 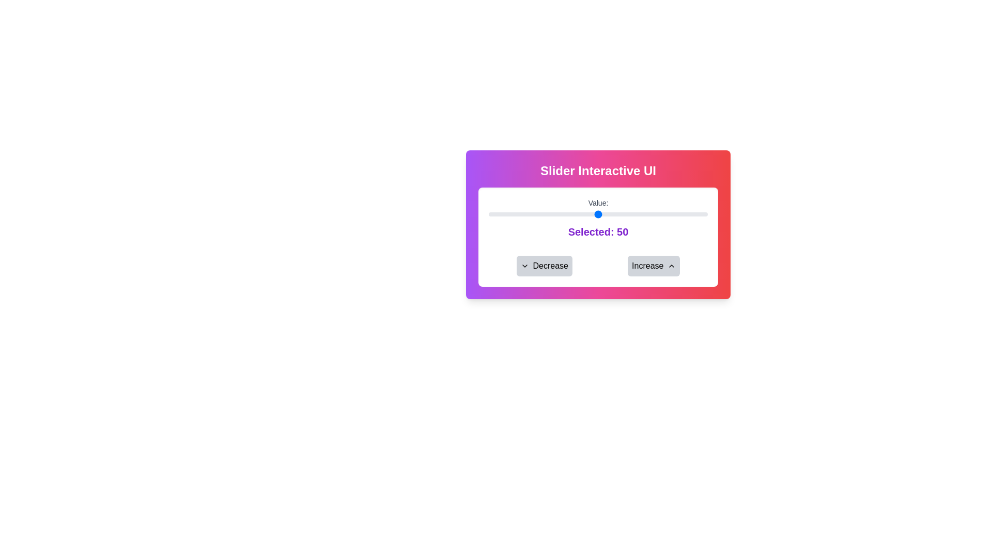 I want to click on the slider value, so click(x=611, y=214).